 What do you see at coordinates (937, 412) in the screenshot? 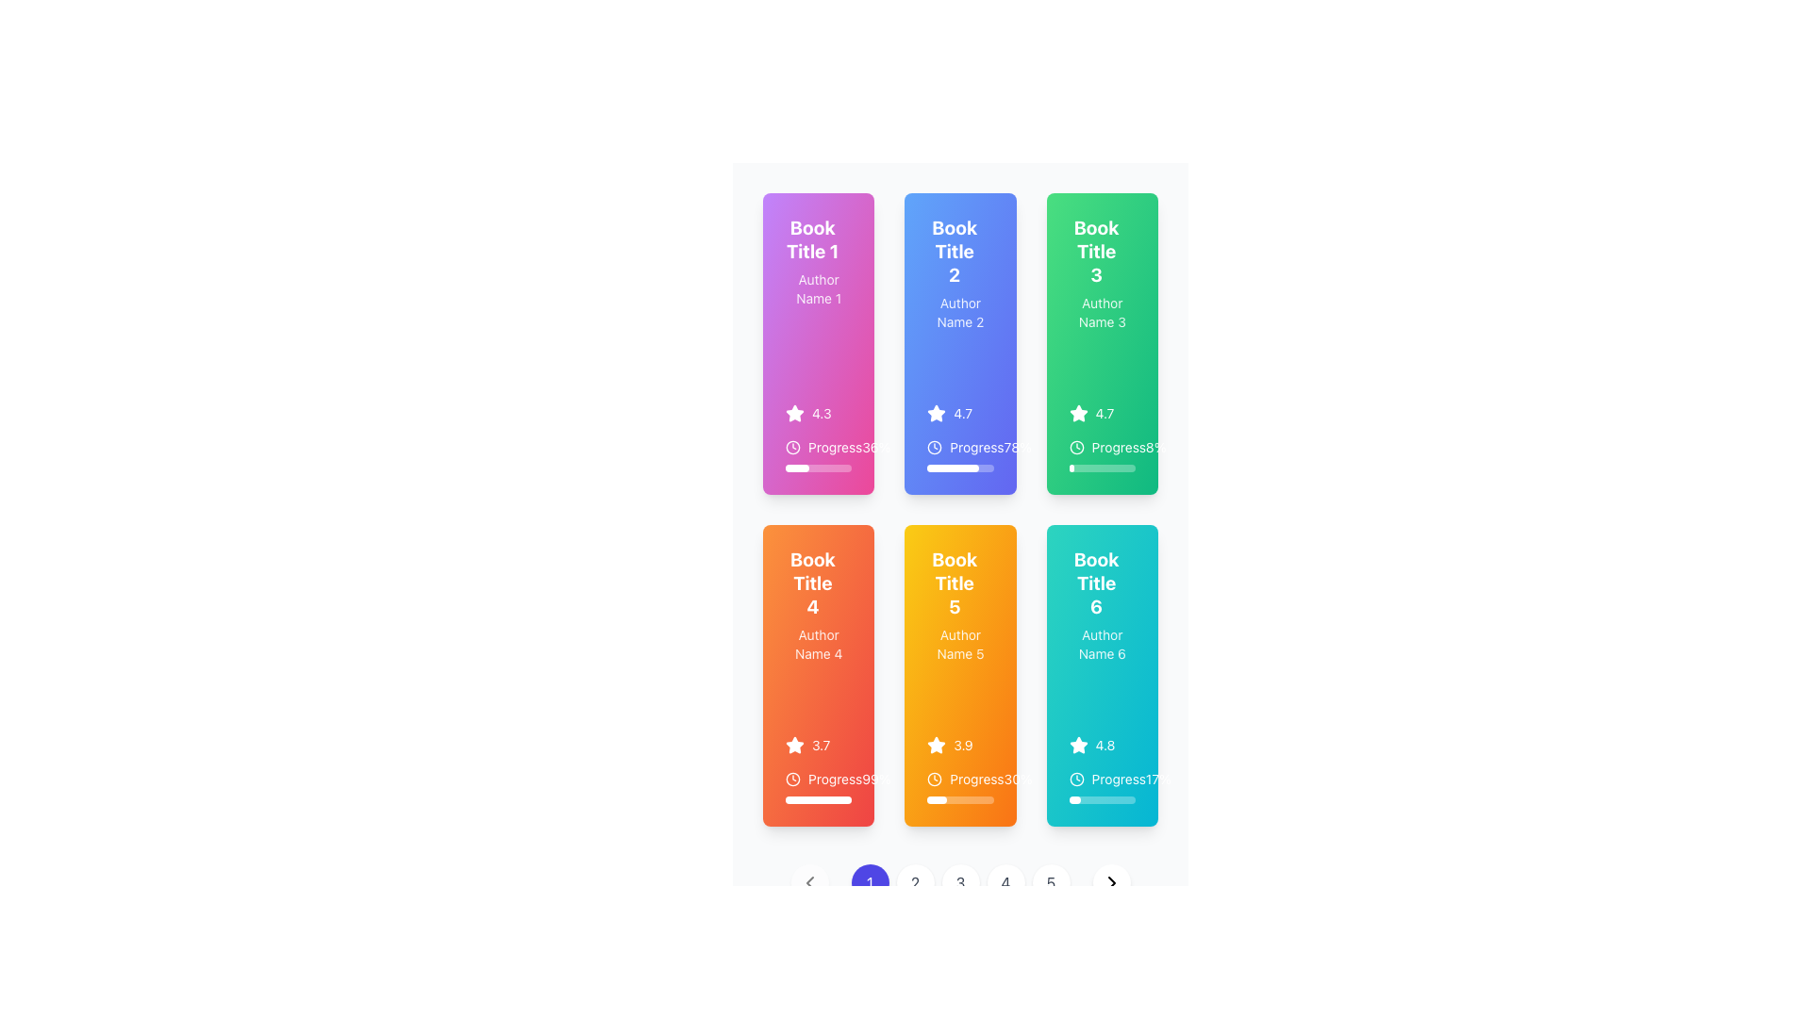
I see `the star-shaped icon within the blue interface card labeled 'Book Title 2' to interact with the rating` at bounding box center [937, 412].